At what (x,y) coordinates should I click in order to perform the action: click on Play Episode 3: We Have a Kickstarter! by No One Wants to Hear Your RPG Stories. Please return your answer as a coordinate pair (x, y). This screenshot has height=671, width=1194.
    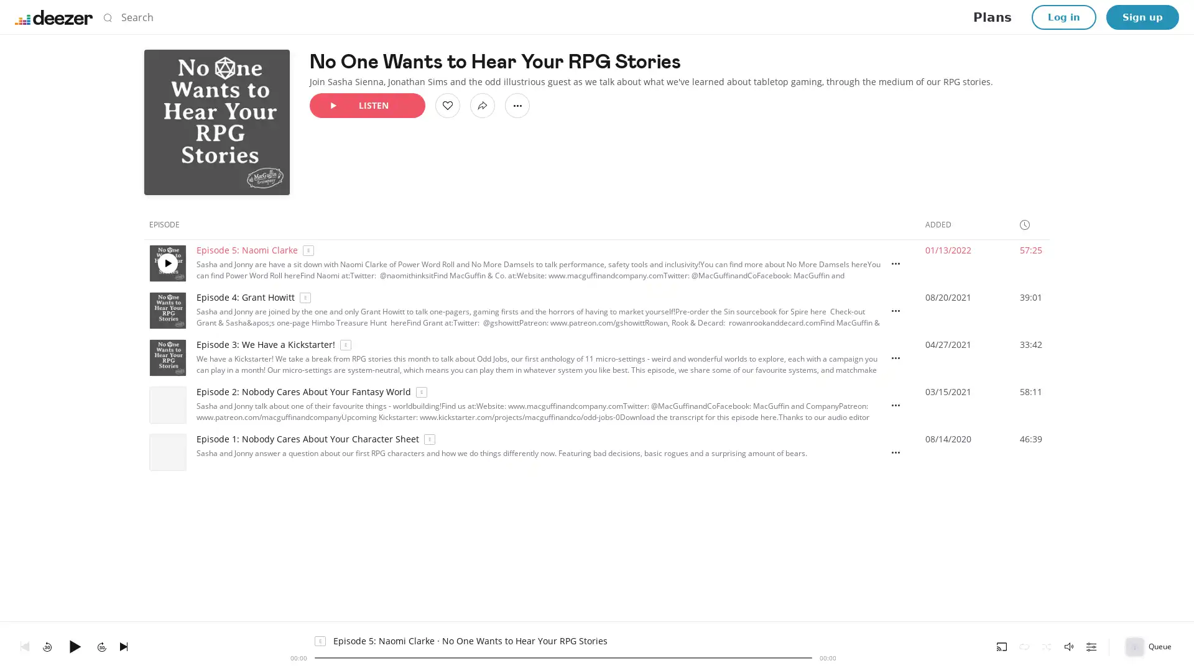
    Looking at the image, I should click on (167, 357).